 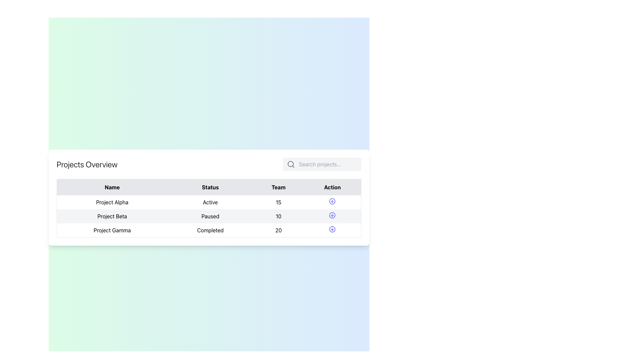 I want to click on 'Active' text label in the 'Status' column of the 'Project Alpha' row in the project information table, so click(x=210, y=202).